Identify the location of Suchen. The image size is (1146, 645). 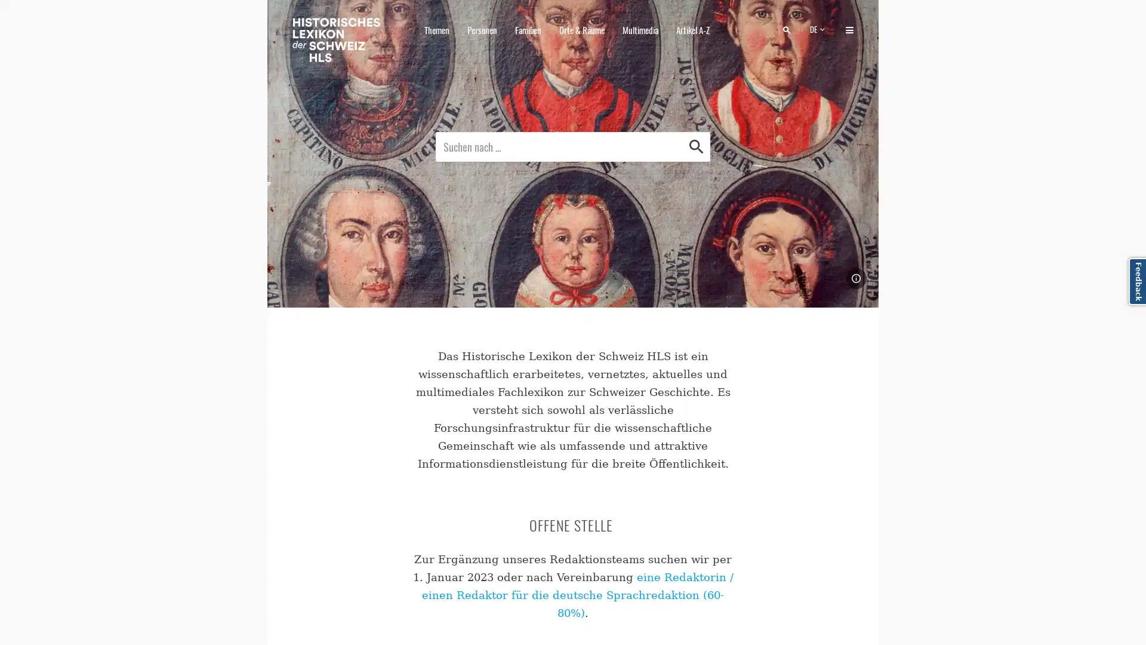
(696, 146).